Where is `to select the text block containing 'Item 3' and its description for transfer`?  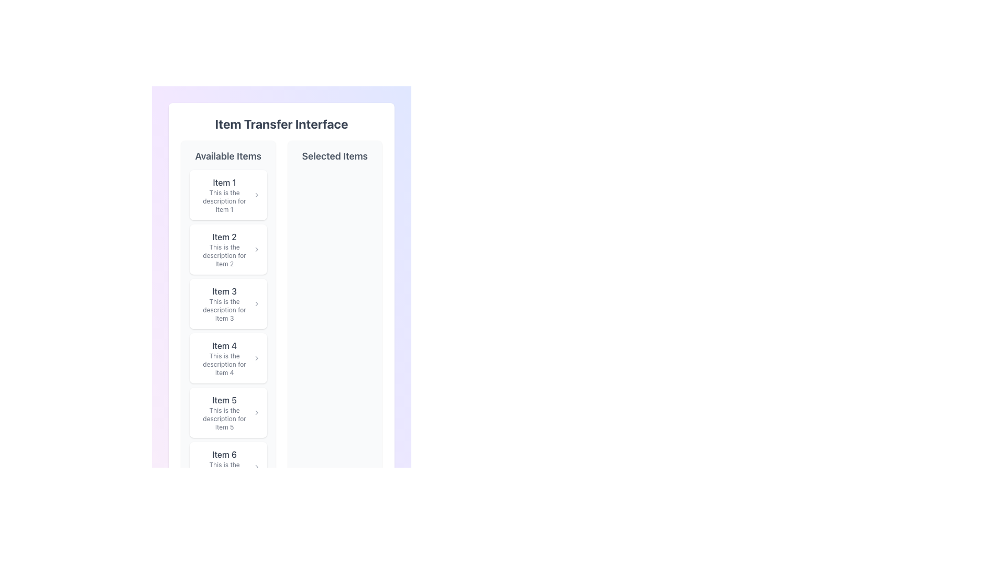
to select the text block containing 'Item 3' and its description for transfer is located at coordinates (223, 304).